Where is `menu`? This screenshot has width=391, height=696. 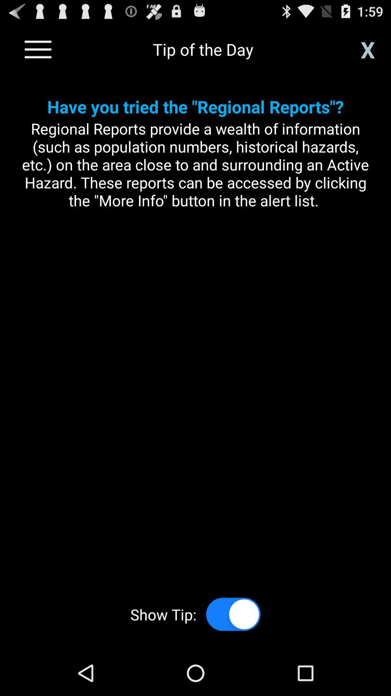
menu is located at coordinates (38, 49).